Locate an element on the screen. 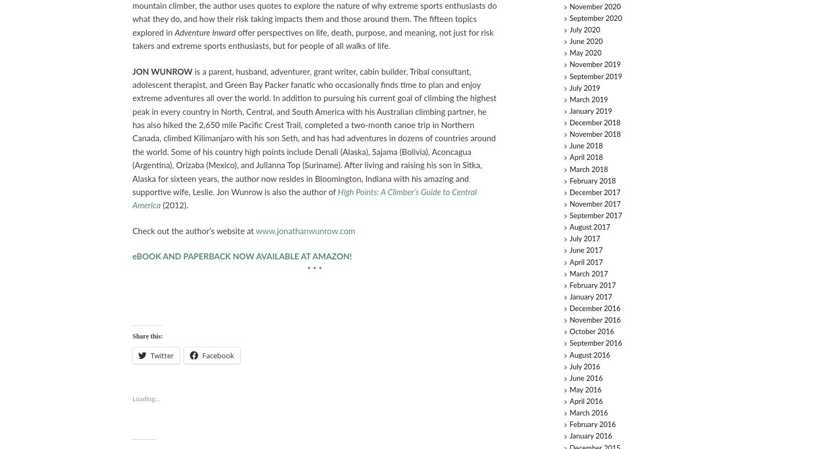 The width and height of the screenshot is (820, 449). 'April 2018' is located at coordinates (586, 158).